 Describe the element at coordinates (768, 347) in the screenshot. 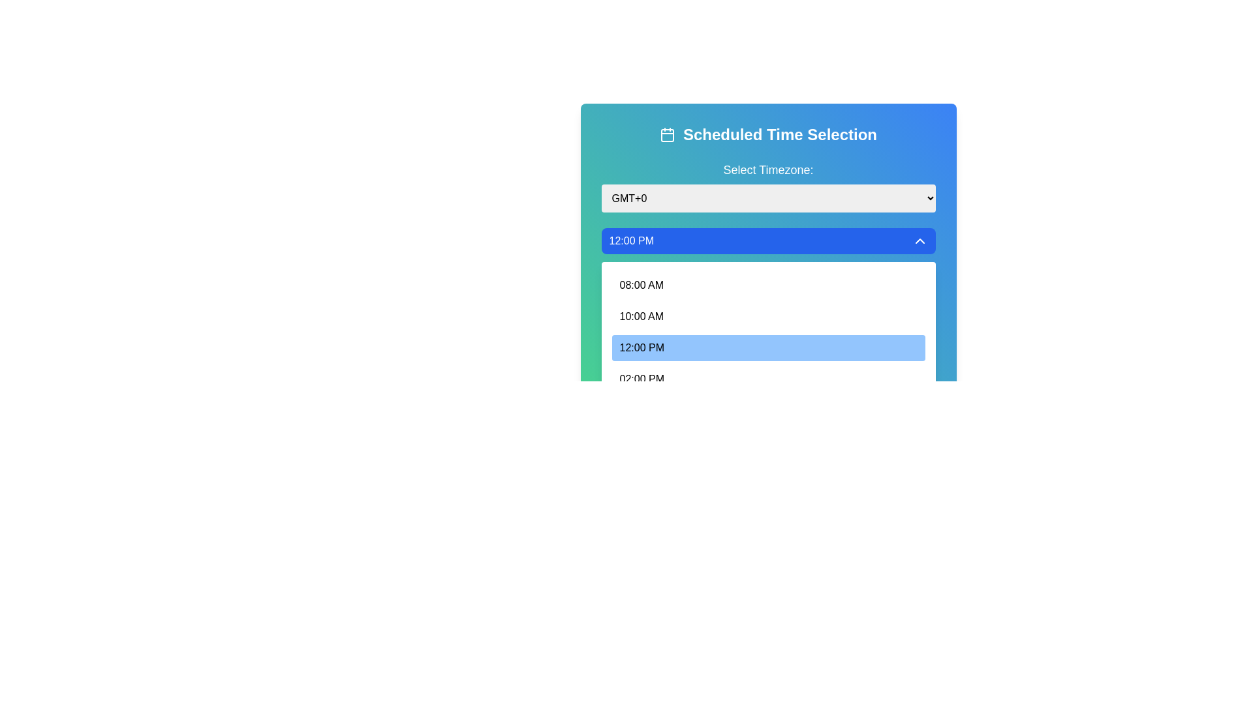

I see `the dropdown option displaying '12:00 PM'` at that location.